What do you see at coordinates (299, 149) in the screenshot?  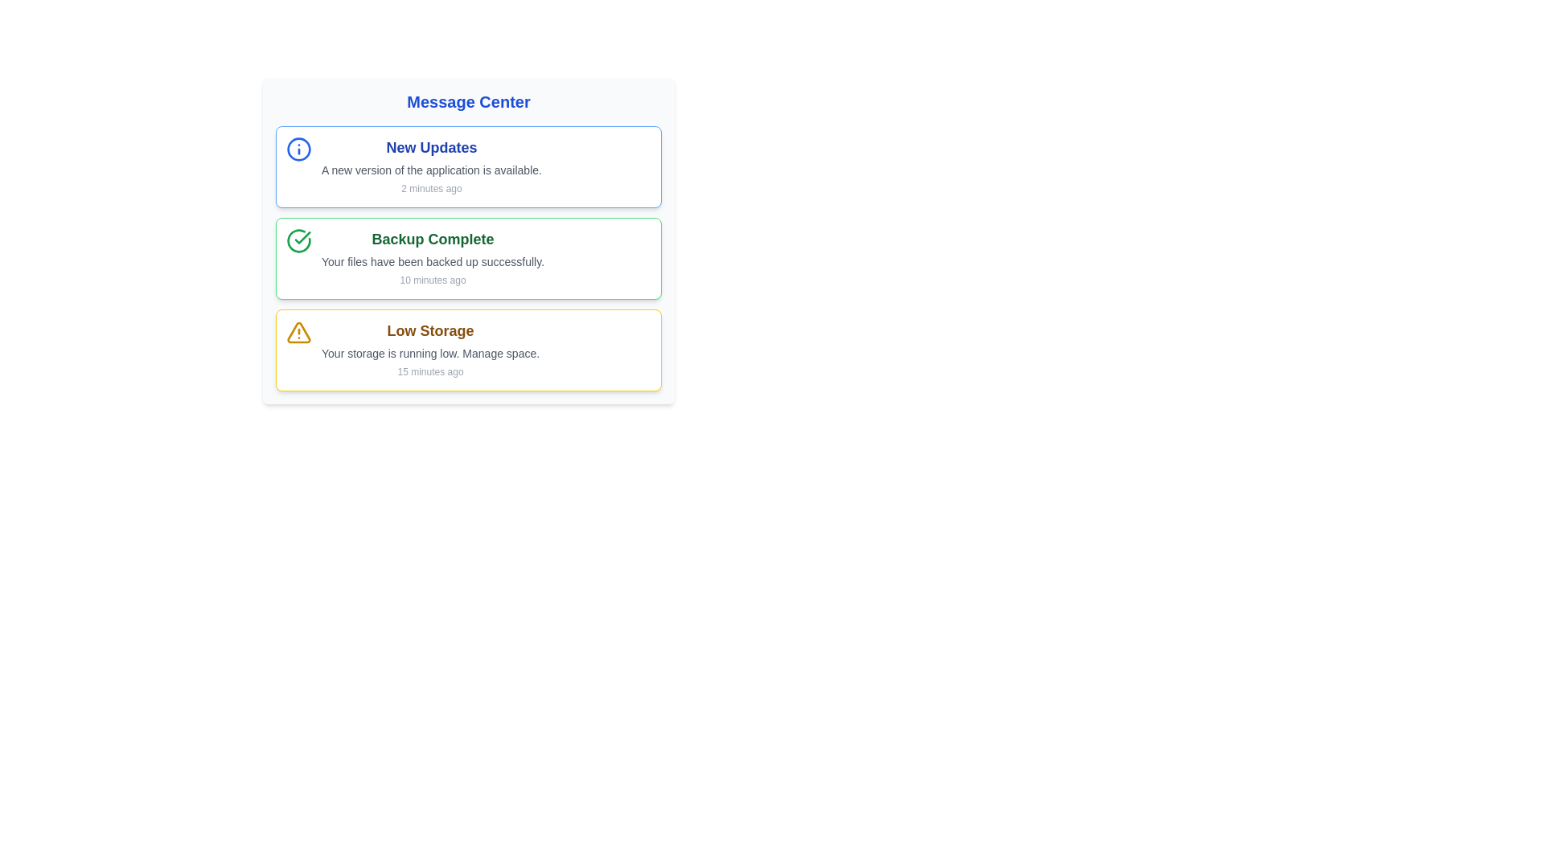 I see `the information icon located on the left side of the 'New Updates' notification card at the topmost notification in the Message Center interface` at bounding box center [299, 149].